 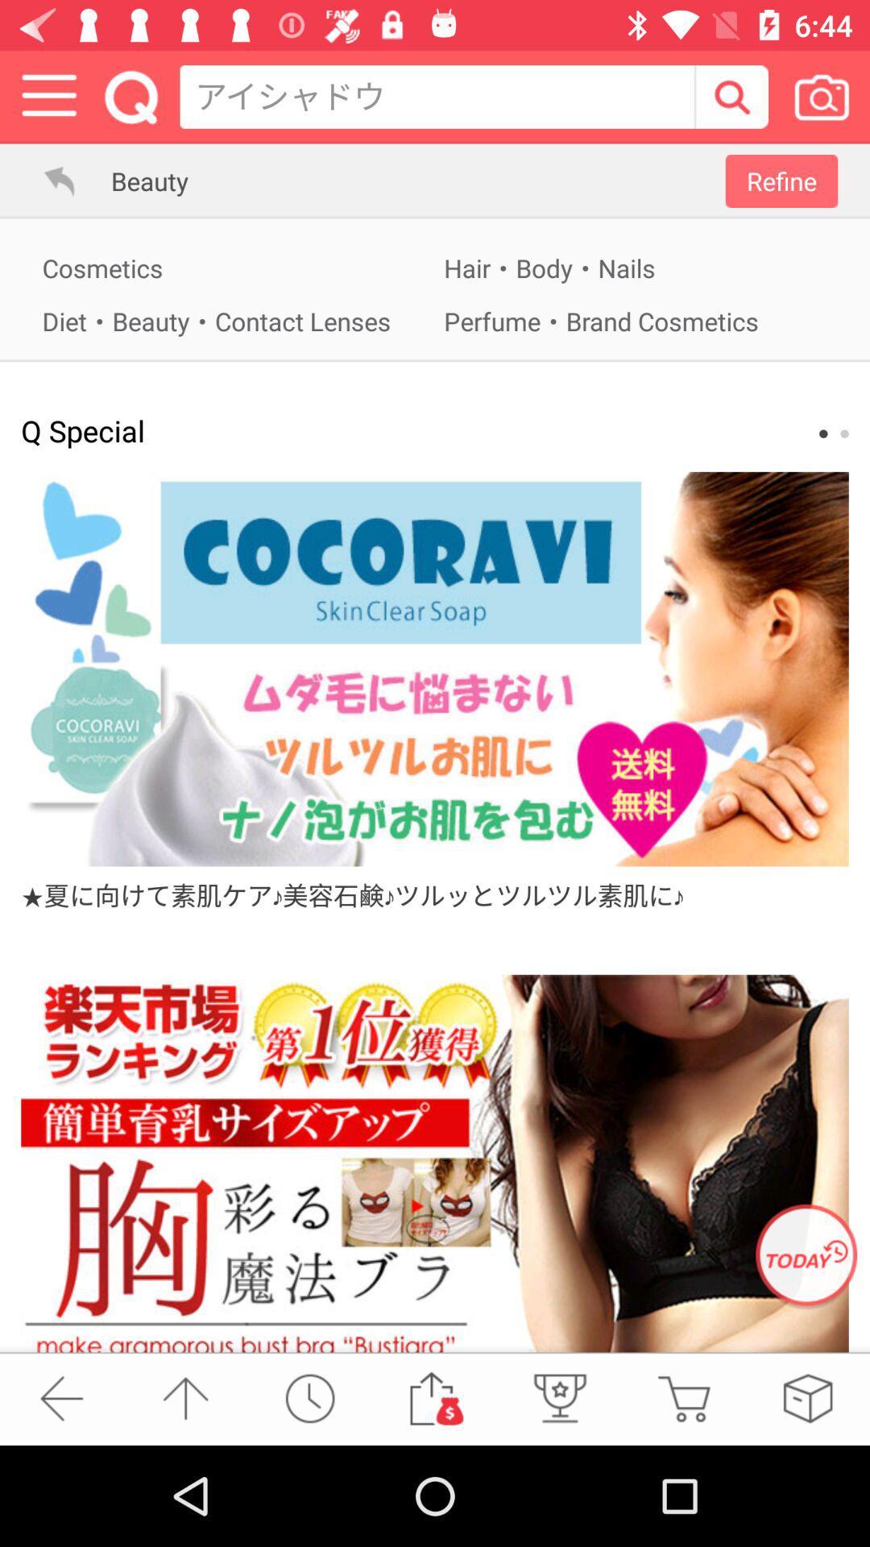 What do you see at coordinates (184, 1397) in the screenshot?
I see `top of page` at bounding box center [184, 1397].